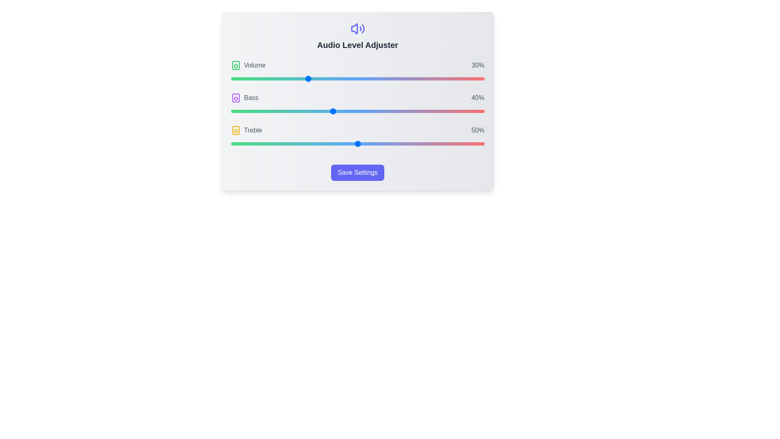 The image size is (780, 439). I want to click on the Treble slider to 0%, so click(230, 143).